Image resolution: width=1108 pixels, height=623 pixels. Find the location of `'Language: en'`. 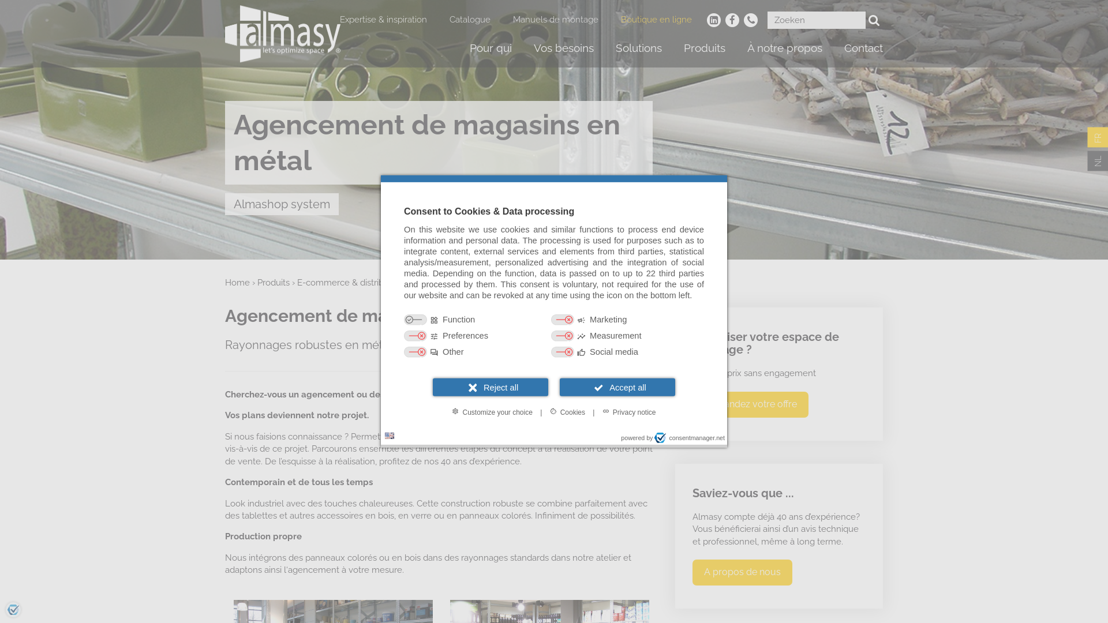

'Language: en' is located at coordinates (382, 436).